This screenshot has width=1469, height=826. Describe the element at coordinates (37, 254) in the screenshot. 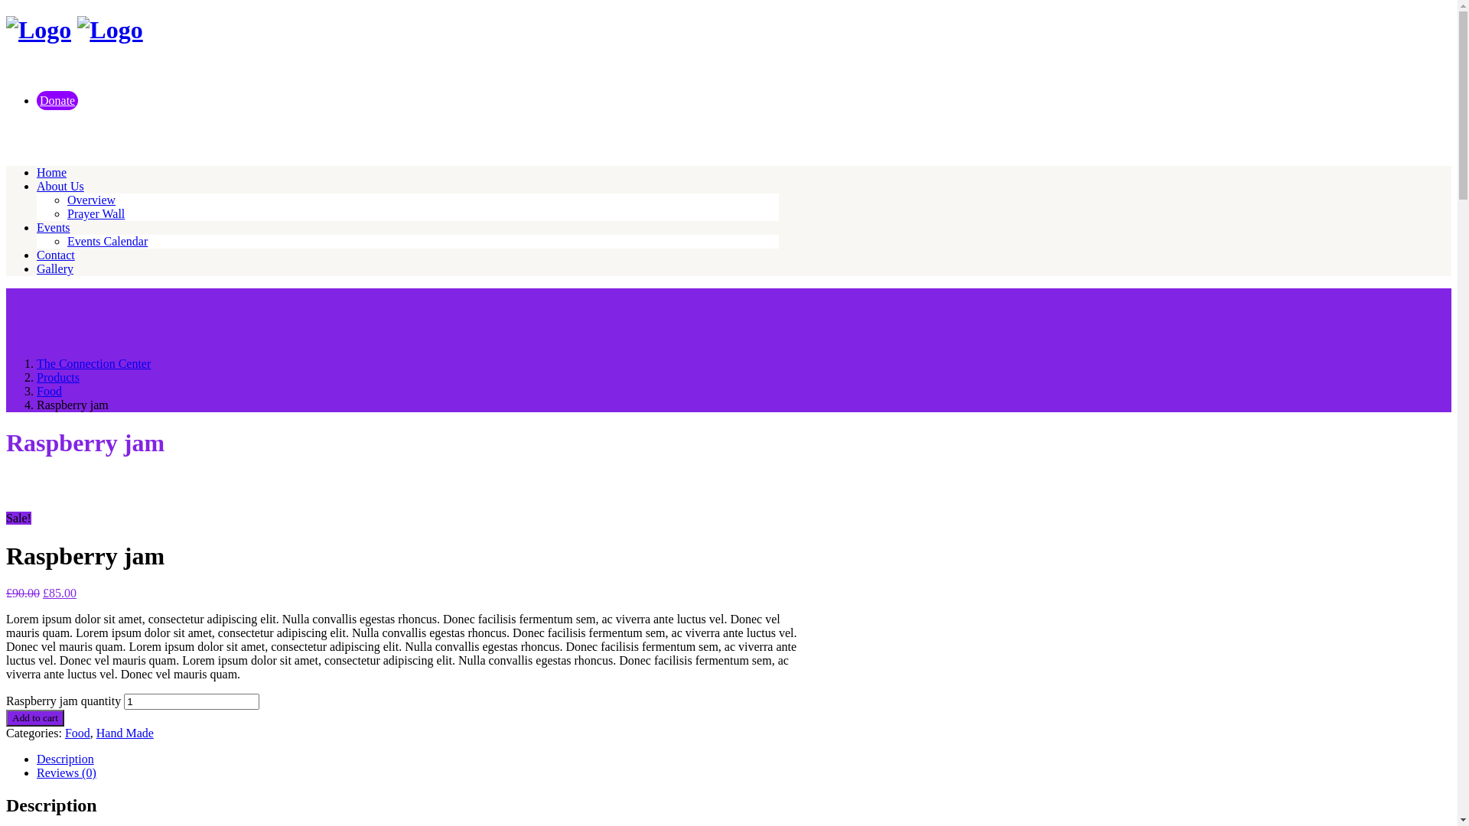

I see `'Contact'` at that location.